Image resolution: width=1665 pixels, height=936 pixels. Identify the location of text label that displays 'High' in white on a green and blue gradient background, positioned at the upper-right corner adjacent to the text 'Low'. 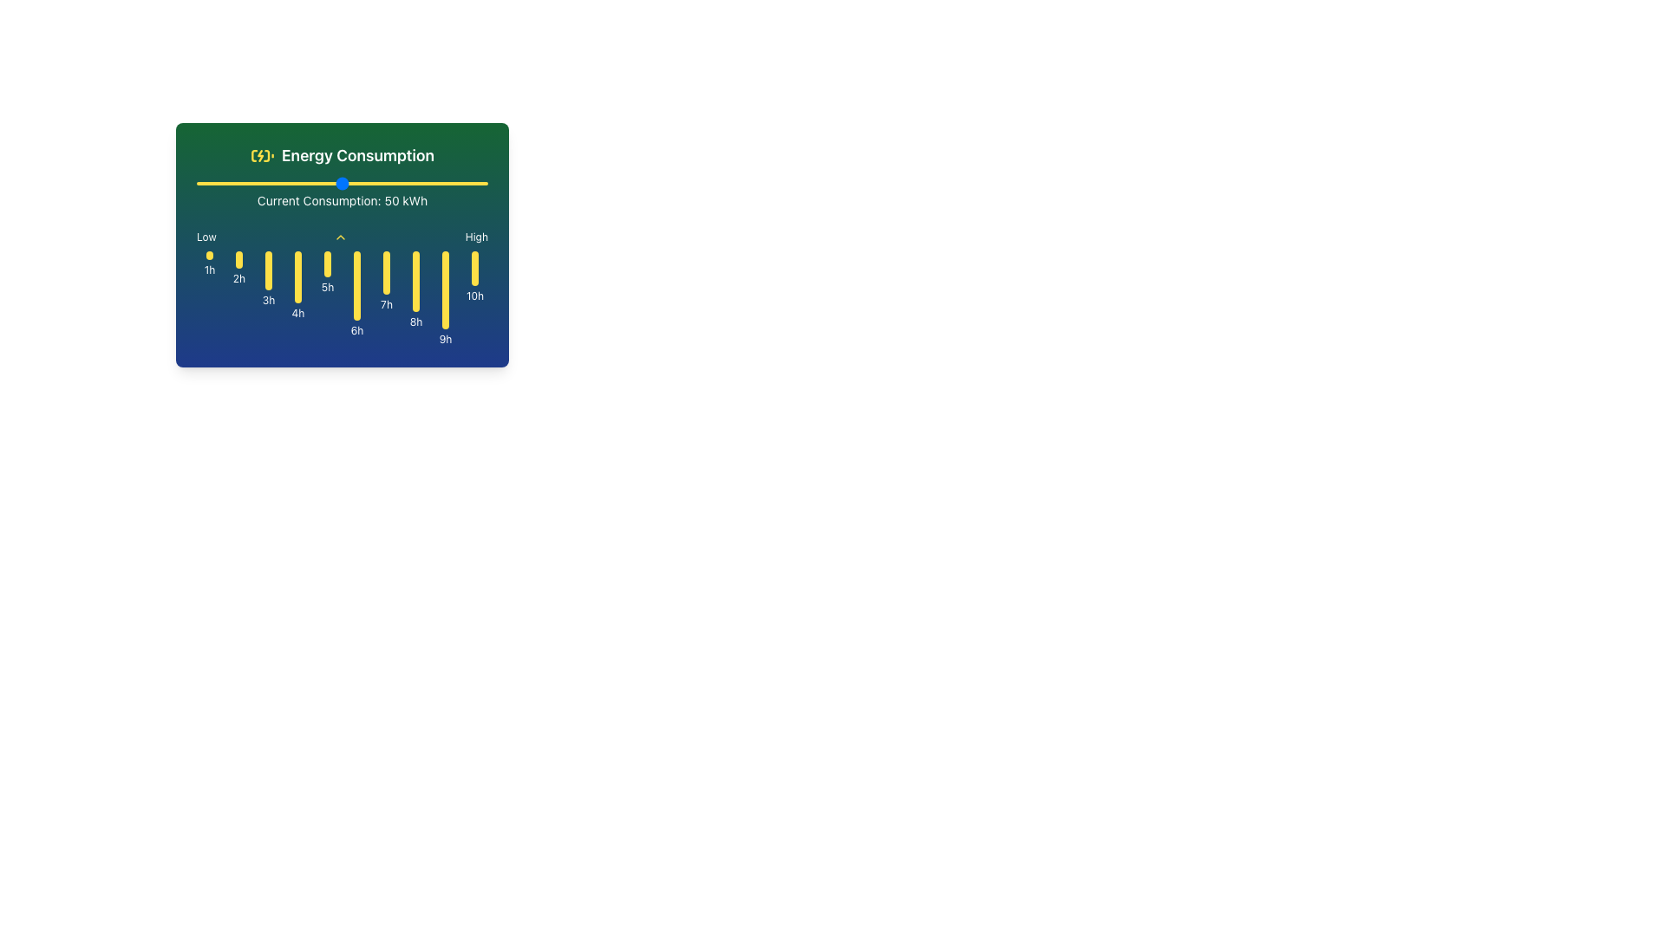
(476, 237).